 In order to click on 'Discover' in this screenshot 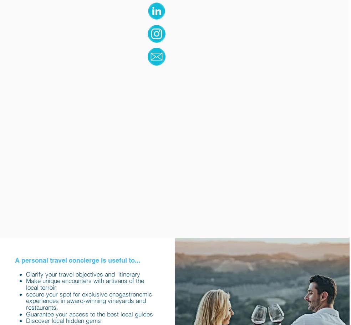, I will do `click(37, 320)`.